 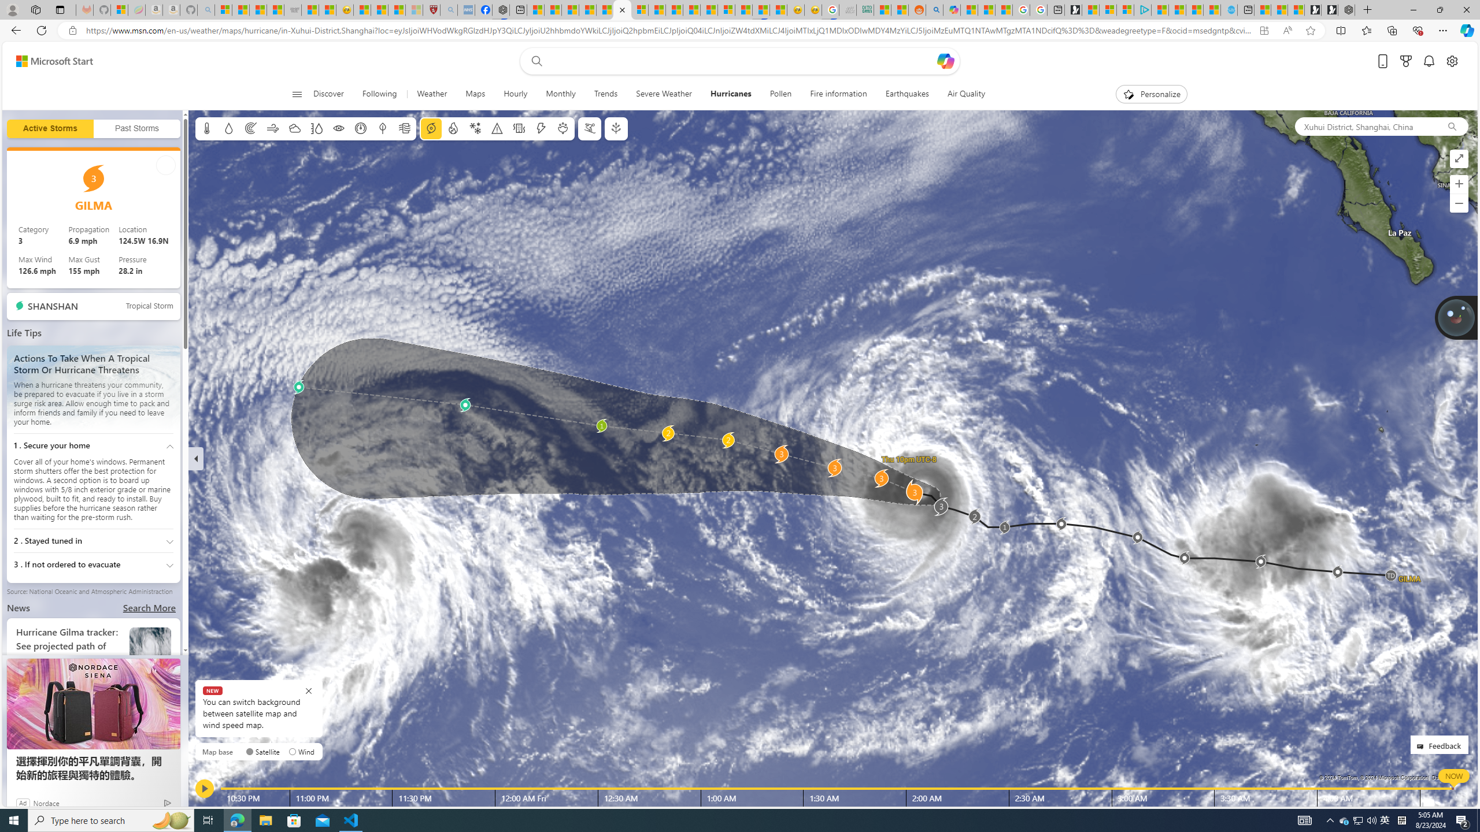 I want to click on 'AutomationID: radioButton-DS-EntryPoint1-1-layer-subtype-0-1', so click(x=292, y=752).